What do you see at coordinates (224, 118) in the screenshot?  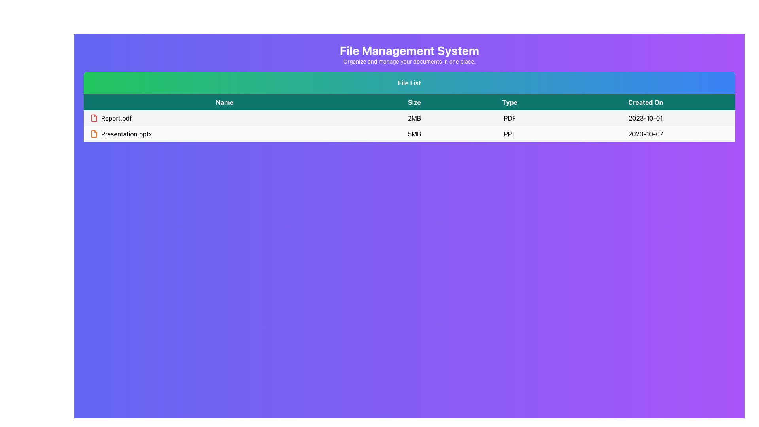 I see `the static text label displaying the filename 'Report.pdf' with a red document icon, located in the first column of the file management table` at bounding box center [224, 118].